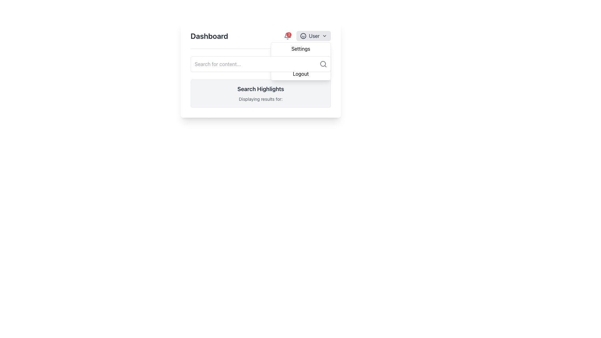 Image resolution: width=601 pixels, height=338 pixels. Describe the element at coordinates (323, 64) in the screenshot. I see `the search icon represented by a magnifying glass symbol, which is located at the rightmost position of the search input box` at that location.